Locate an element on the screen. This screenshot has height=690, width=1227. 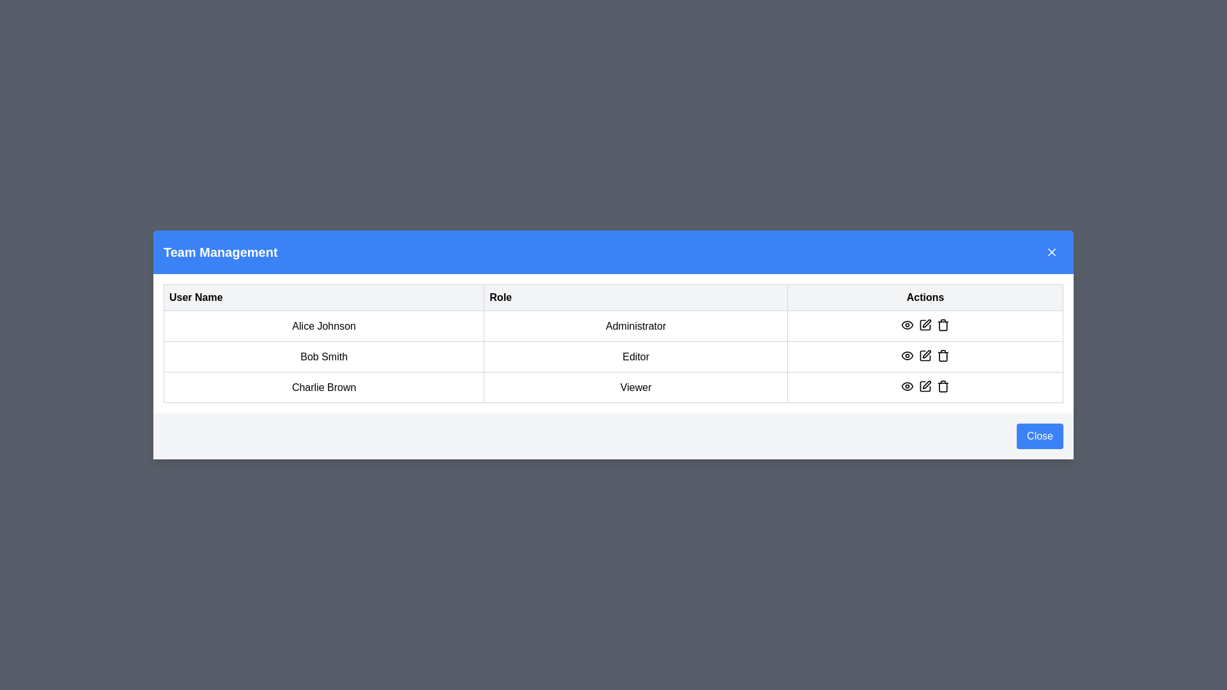
the graphical close button located at the top-right corner of the modal dialog is located at coordinates (1052, 252).